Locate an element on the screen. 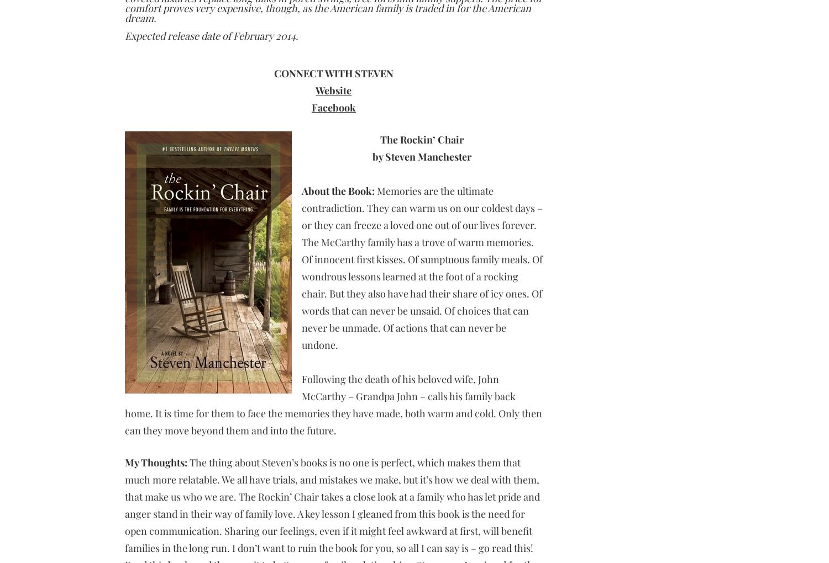 The image size is (829, 563). 'Memories are the ultimate contradiction. They can warm us on our coldest days – or they can freeze a loved one out of our lives forever. The McCarthy family has a trove of warm memories. Of innocent first kisses. Of sumptuous family meals. Of wondrous lessons learned at the foot of a rocking chair. But they also have had their share of icy ones. Of words that can never be unsaid. Of choices that can never be unmade. Of actions that can never be undone.' is located at coordinates (422, 268).